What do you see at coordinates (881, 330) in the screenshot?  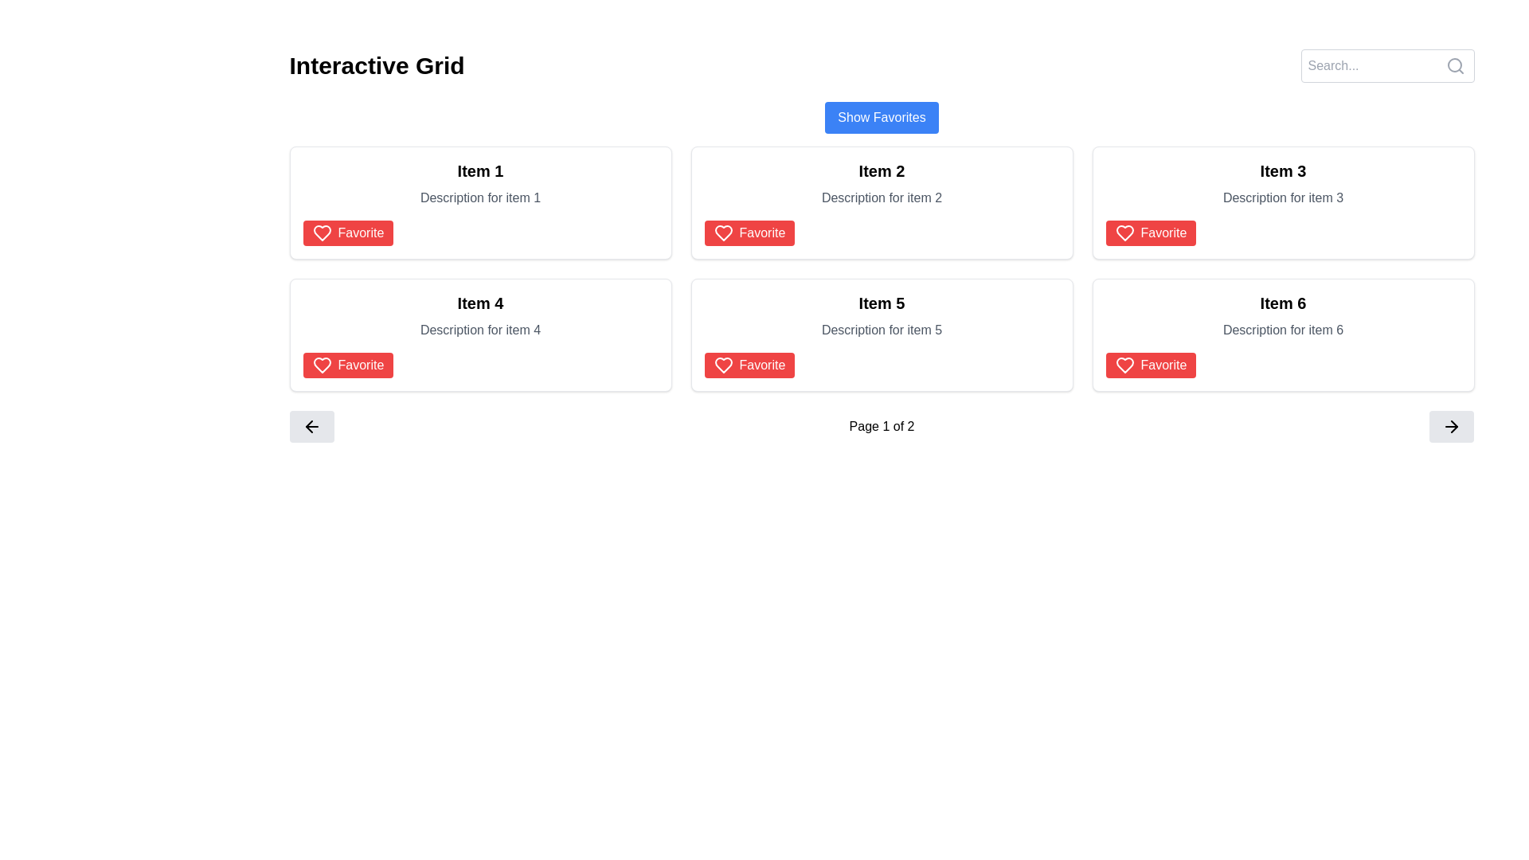 I see `the text label that reads 'Description for item 5', which is styled in gray and located below the title 'Item 5' and above the red 'Favorite' button within the card for 'Item 5'` at bounding box center [881, 330].